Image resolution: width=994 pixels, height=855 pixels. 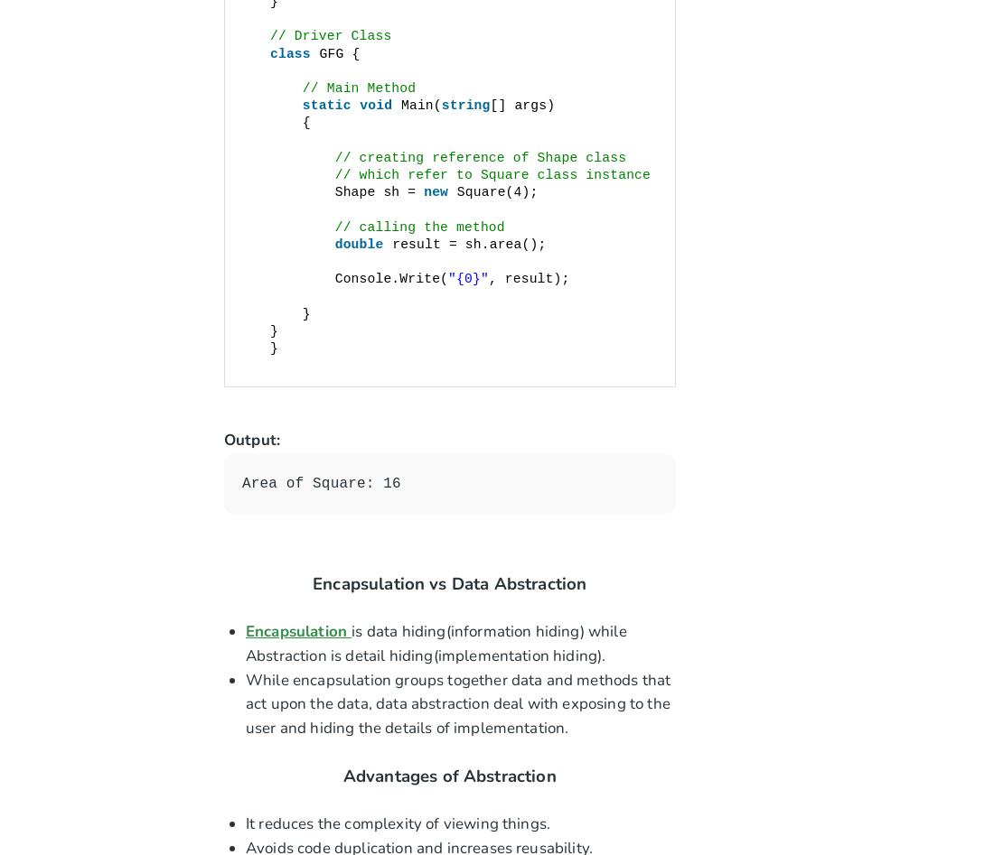 I want to click on 'Output:', so click(x=250, y=439).